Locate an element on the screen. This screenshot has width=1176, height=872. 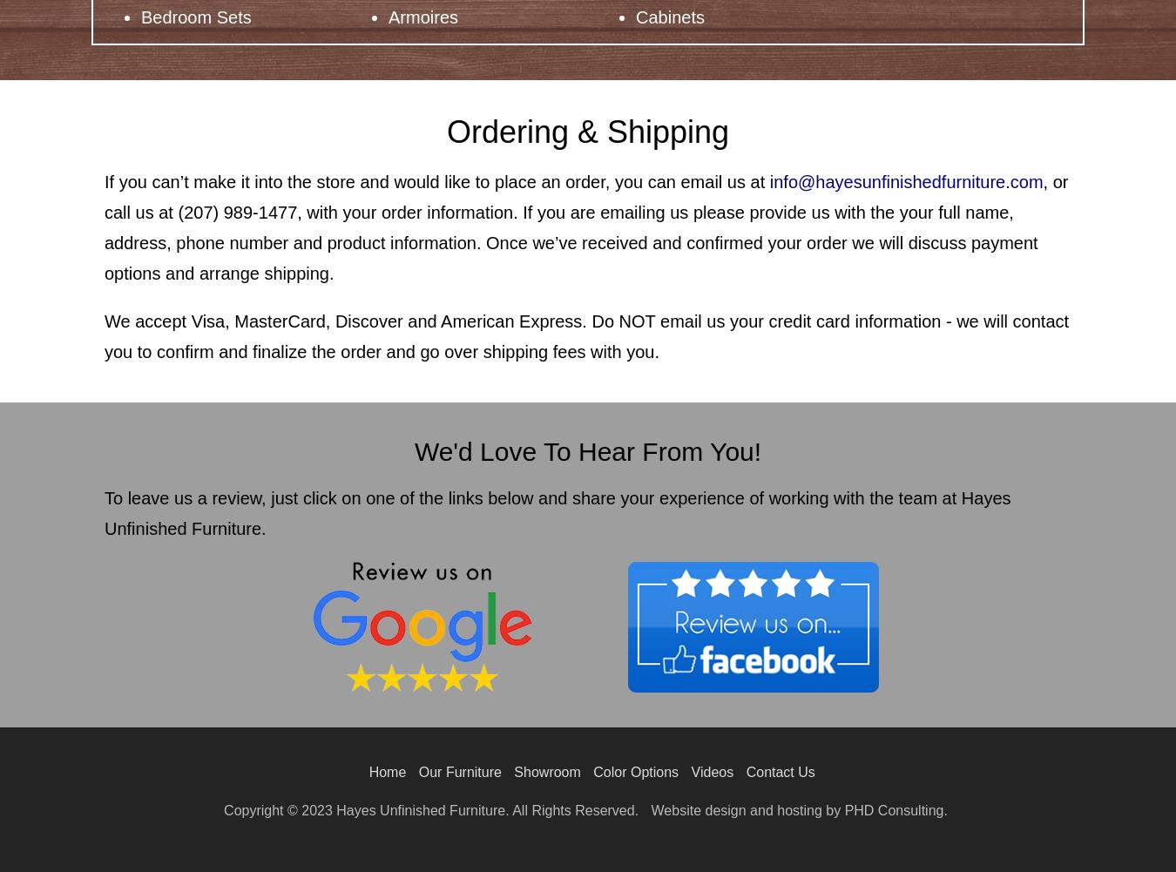
'Videos' is located at coordinates (690, 771).